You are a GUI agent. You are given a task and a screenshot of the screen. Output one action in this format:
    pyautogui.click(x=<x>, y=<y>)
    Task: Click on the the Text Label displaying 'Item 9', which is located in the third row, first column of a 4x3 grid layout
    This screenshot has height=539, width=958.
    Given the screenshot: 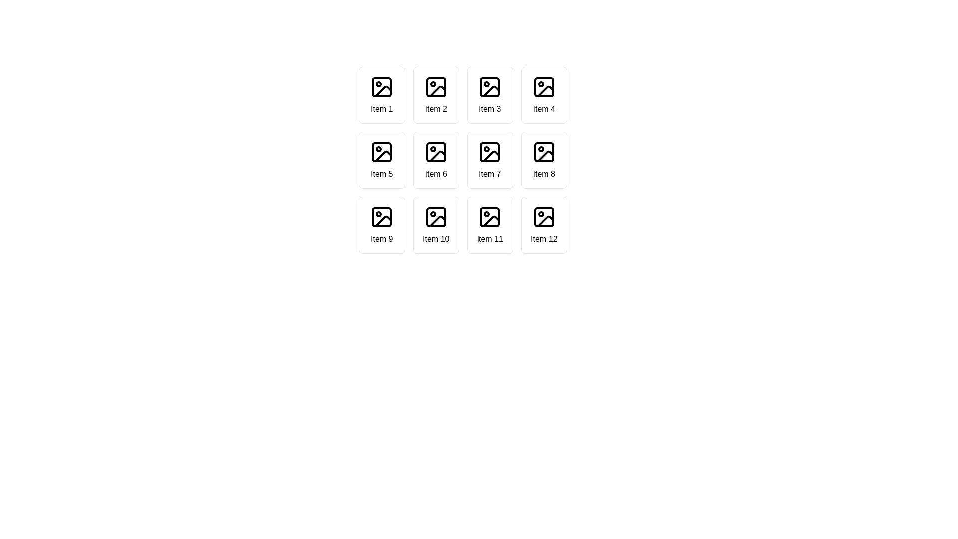 What is the action you would take?
    pyautogui.click(x=381, y=239)
    